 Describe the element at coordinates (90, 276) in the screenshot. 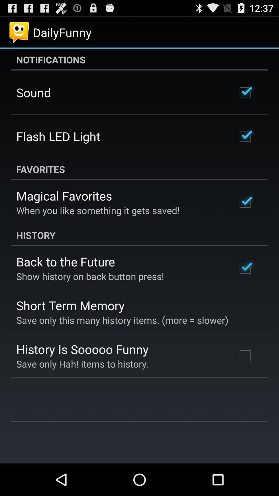

I see `the icon below the back to the item` at that location.